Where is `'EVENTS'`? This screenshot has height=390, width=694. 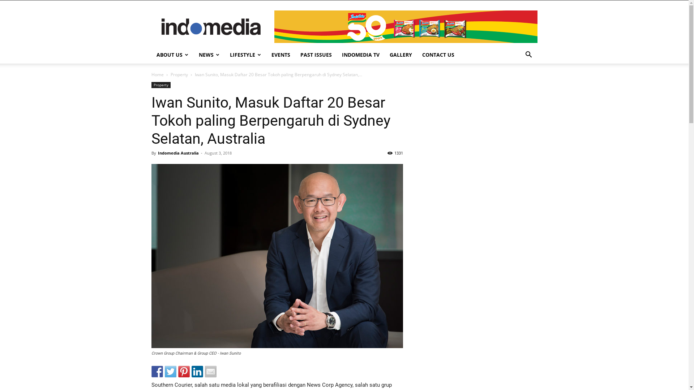 'EVENTS' is located at coordinates (280, 54).